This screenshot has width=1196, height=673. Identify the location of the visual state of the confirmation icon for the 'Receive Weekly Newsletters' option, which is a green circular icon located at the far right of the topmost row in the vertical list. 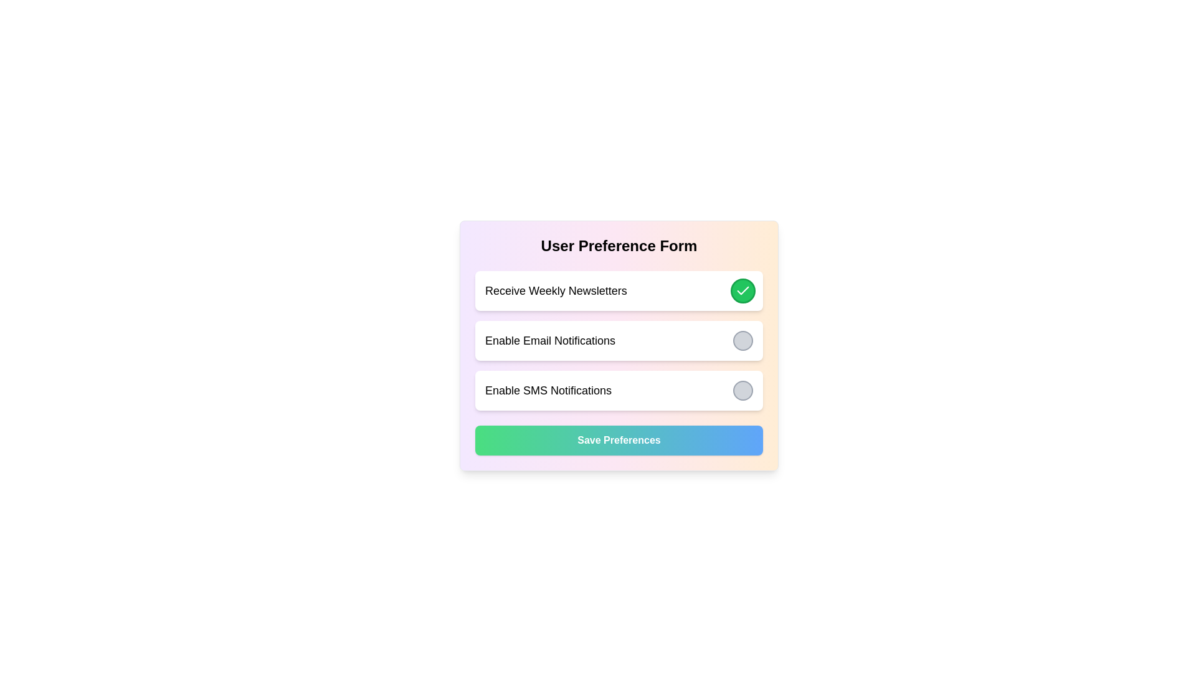
(743, 290).